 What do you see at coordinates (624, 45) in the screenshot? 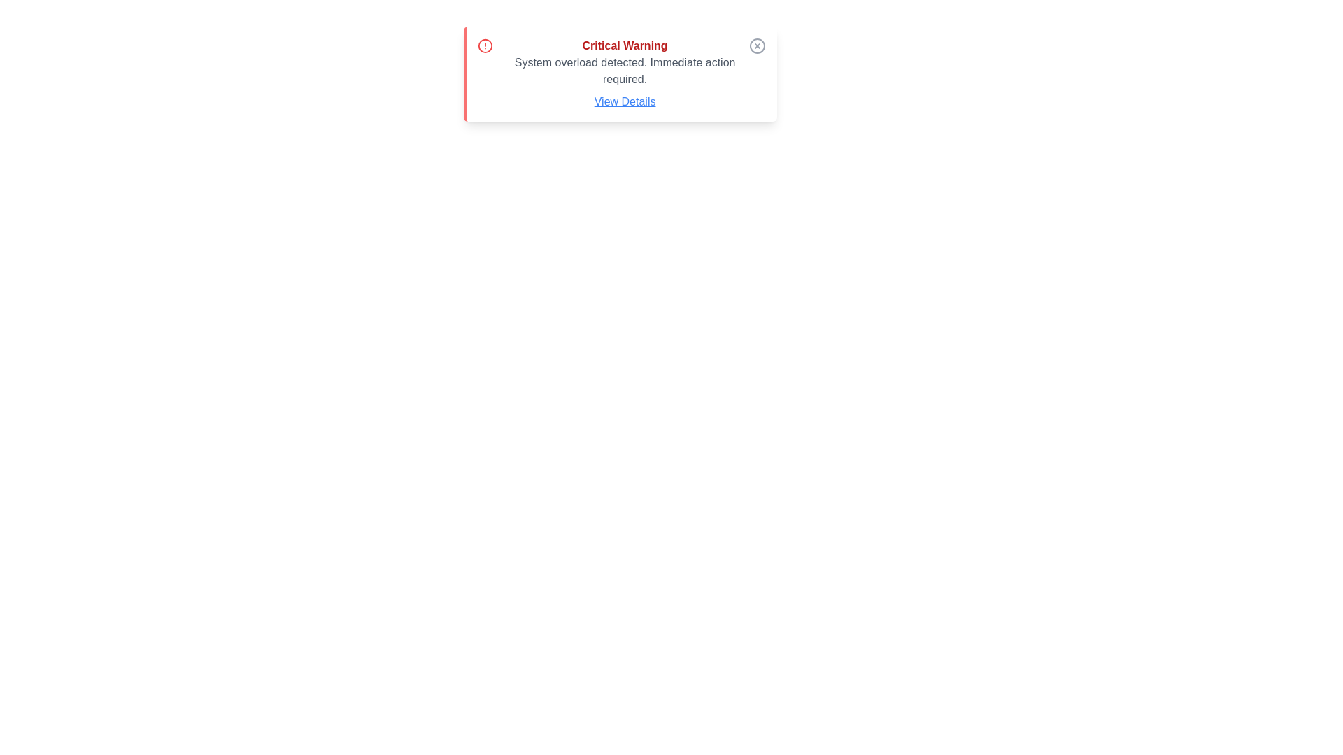
I see `the prominently displayed 'Critical Warning' text, which is styled in bold red and located at the top of the notification box` at bounding box center [624, 45].